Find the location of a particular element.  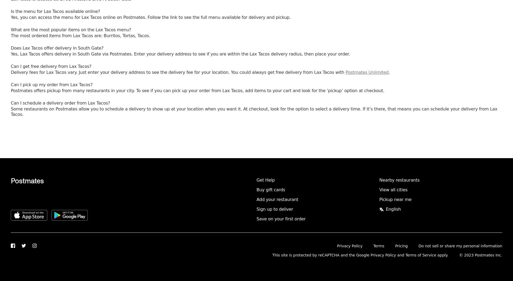

'Sign up to deliver' is located at coordinates (256, 209).